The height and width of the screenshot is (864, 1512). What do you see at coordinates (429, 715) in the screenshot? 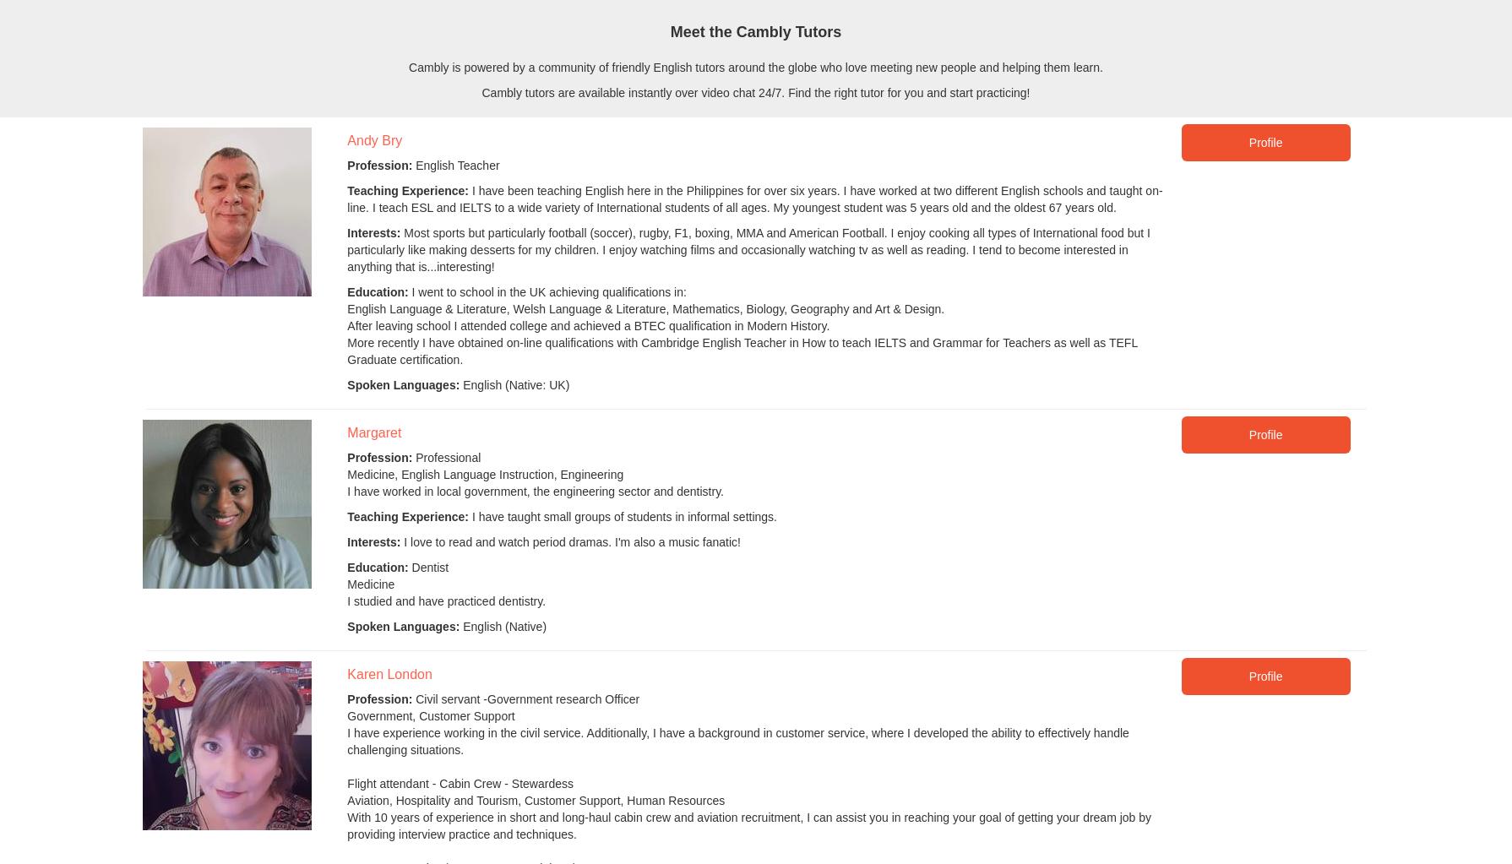
I see `'Government, Customer Support'` at bounding box center [429, 715].